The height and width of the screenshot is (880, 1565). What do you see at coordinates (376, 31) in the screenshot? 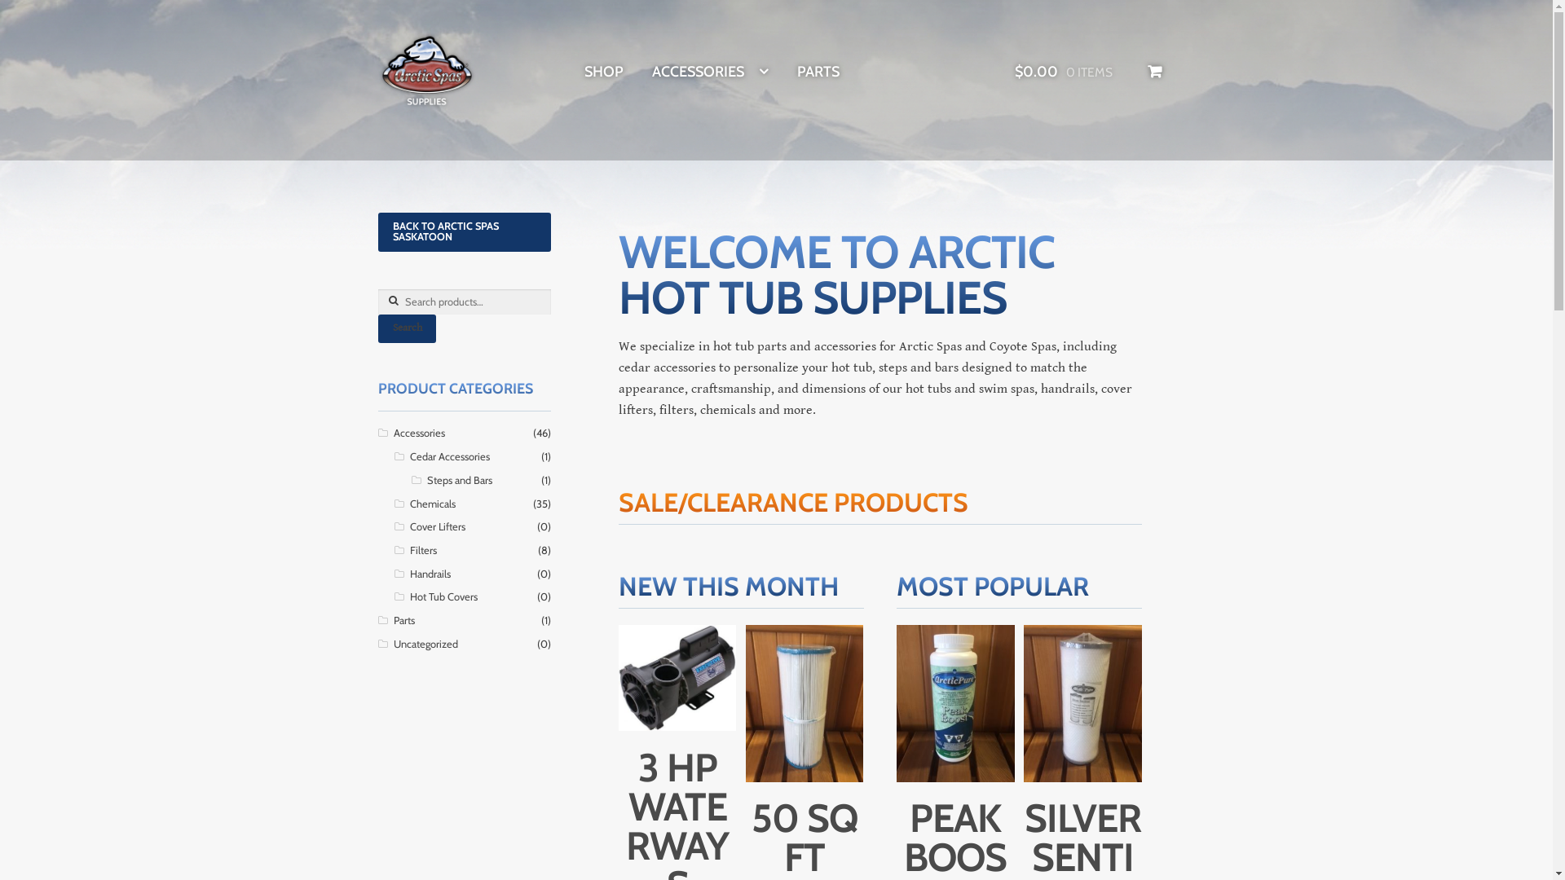
I see `'SKIP TO NAVIGATION'` at bounding box center [376, 31].